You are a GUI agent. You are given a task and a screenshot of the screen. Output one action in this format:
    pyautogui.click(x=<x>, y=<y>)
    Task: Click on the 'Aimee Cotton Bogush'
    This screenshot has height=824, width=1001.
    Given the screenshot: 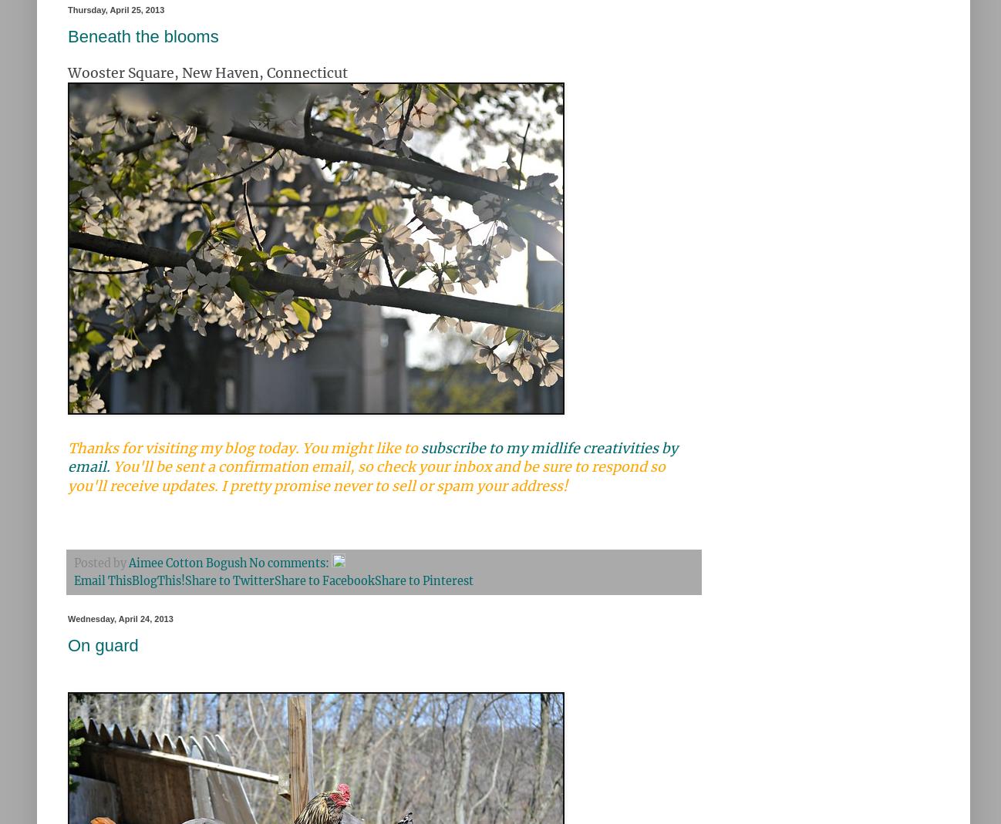 What is the action you would take?
    pyautogui.click(x=128, y=562)
    